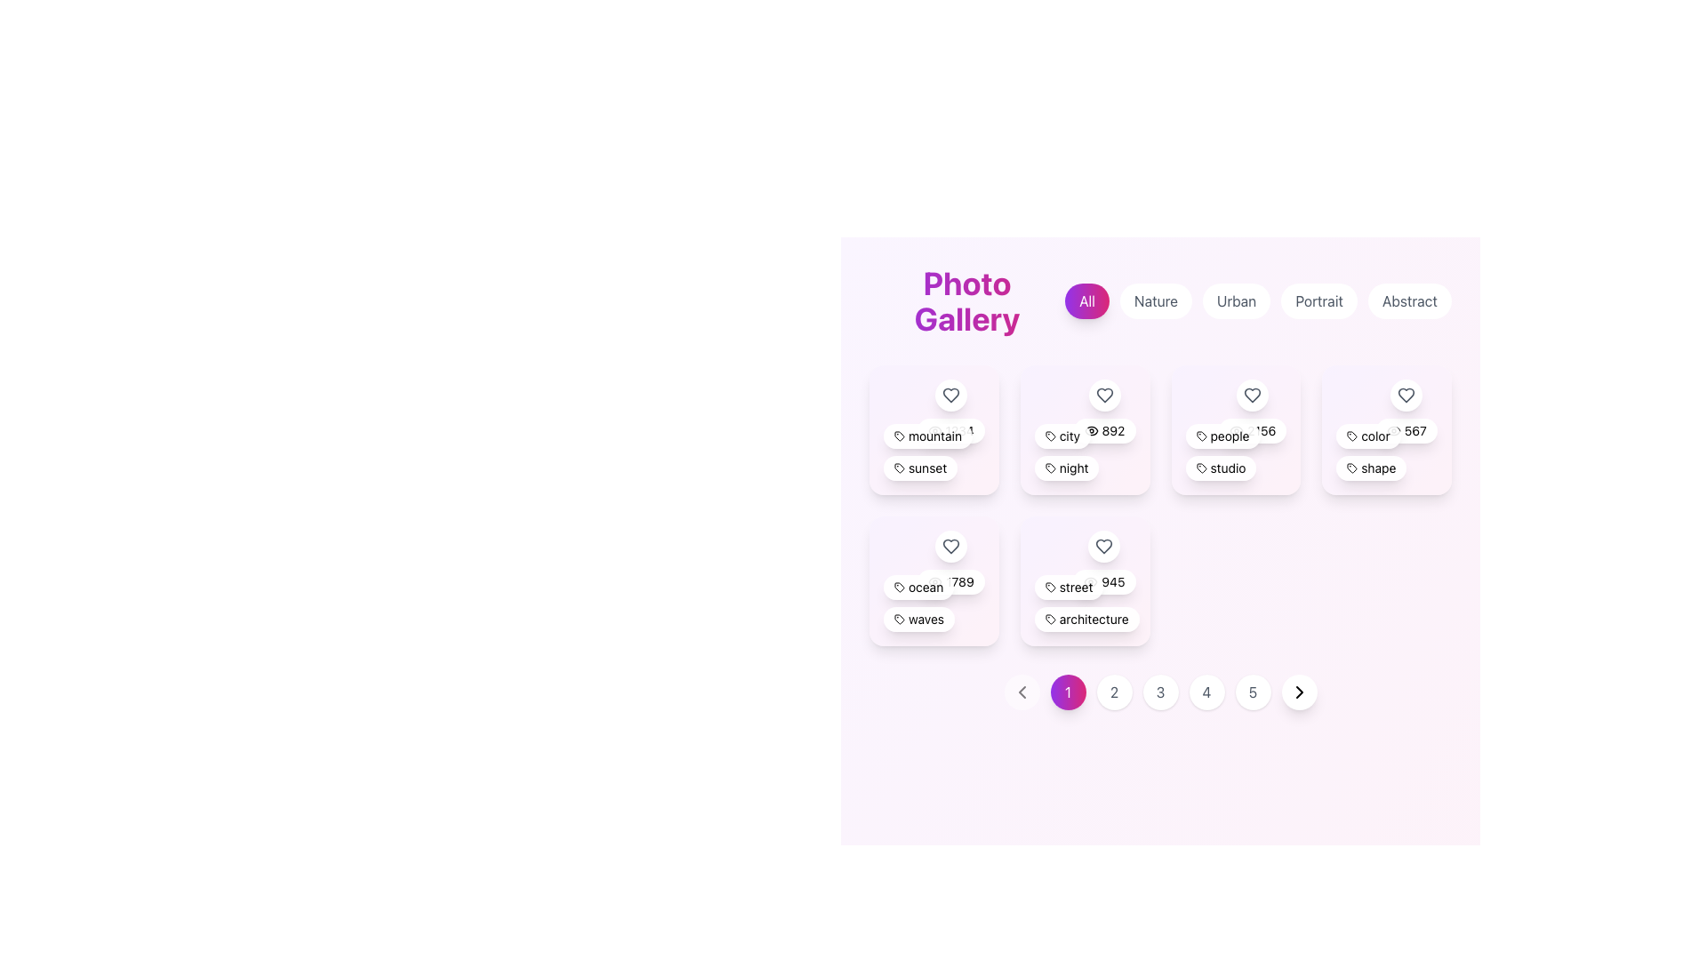 Image resolution: width=1707 pixels, height=960 pixels. Describe the element at coordinates (1392, 431) in the screenshot. I see `the eye icon representing visibility or views, located to the left of the '567' label in the gallery layout` at that location.